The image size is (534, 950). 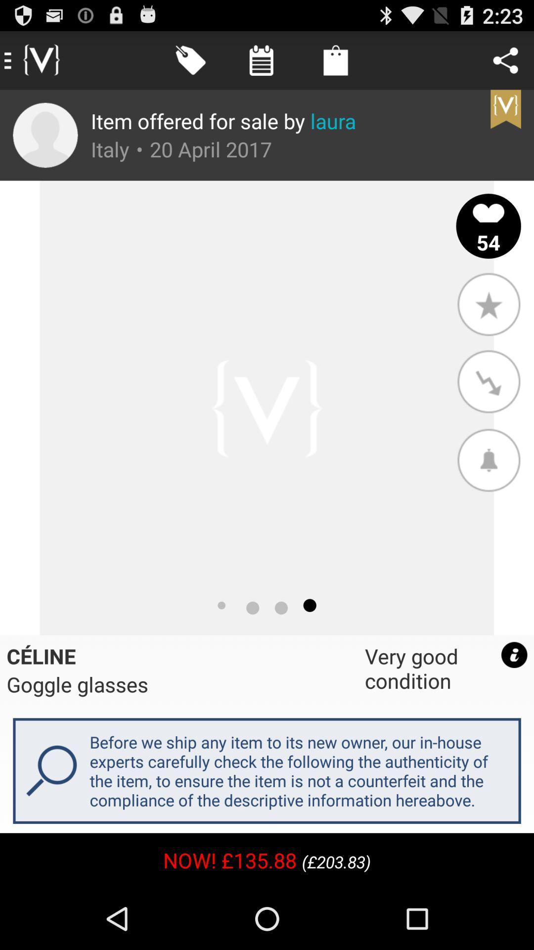 What do you see at coordinates (223, 120) in the screenshot?
I see `app above italy item` at bounding box center [223, 120].